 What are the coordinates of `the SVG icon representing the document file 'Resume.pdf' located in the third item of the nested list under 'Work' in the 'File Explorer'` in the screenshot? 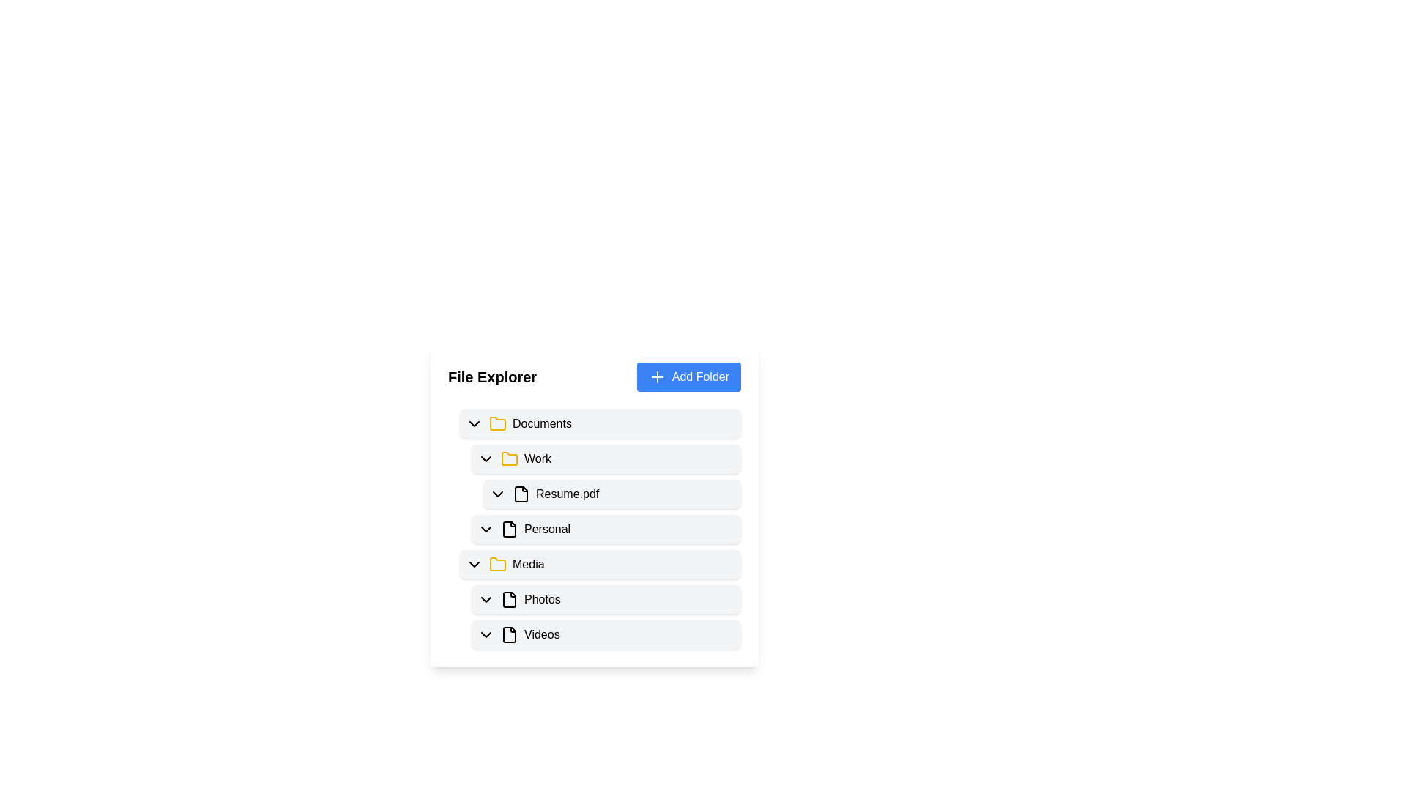 It's located at (521, 494).